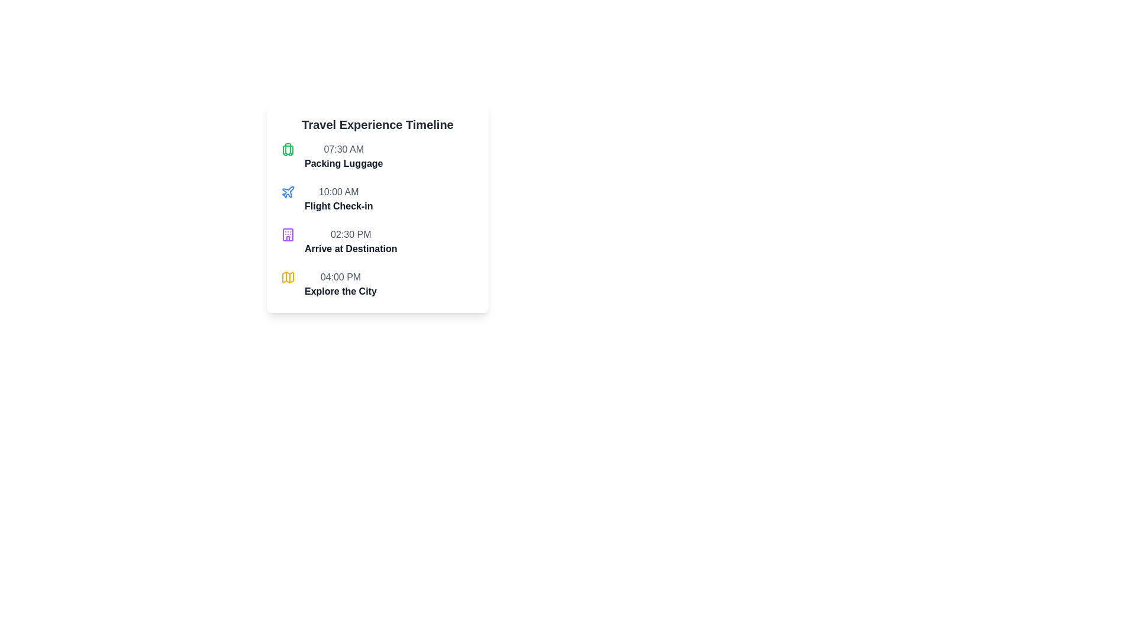  I want to click on the Text information block displaying '02:30 PM' and 'Arrive at Destination', which is styled with a lighter gray font and bold black text, located as the third item in a vertical list, so click(377, 241).